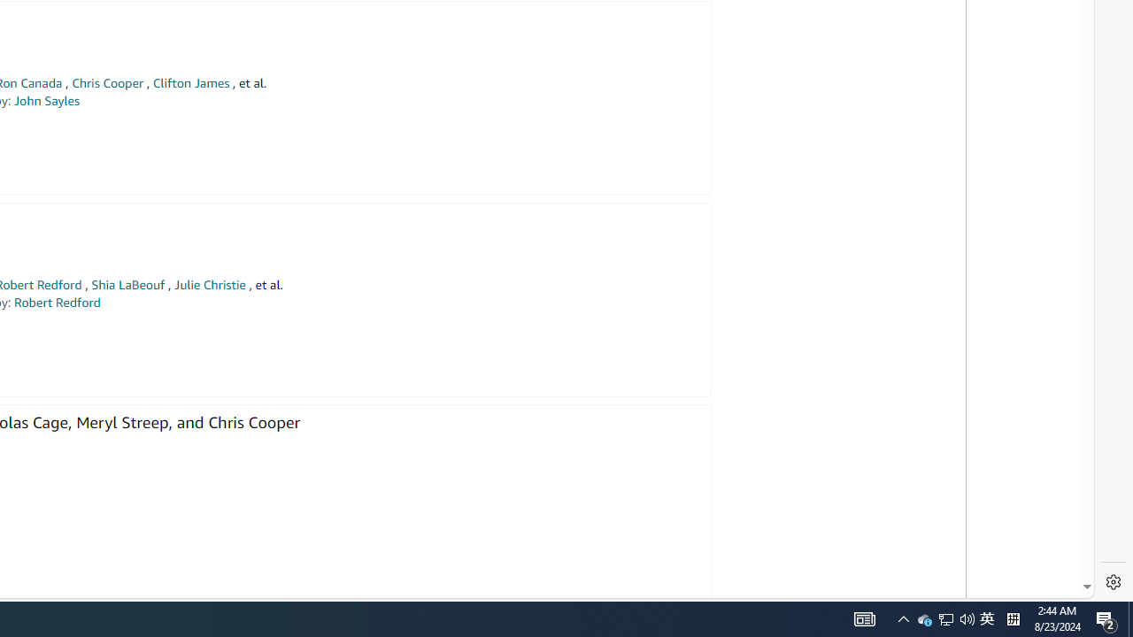 The width and height of the screenshot is (1133, 637). What do you see at coordinates (190, 83) in the screenshot?
I see `'Clifton James'` at bounding box center [190, 83].